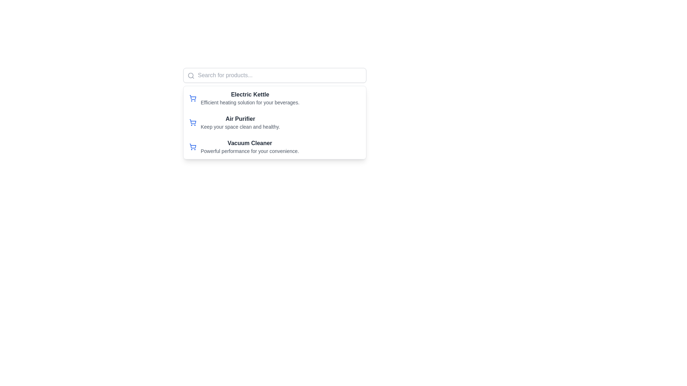  What do you see at coordinates (274, 98) in the screenshot?
I see `the first product listing item displaying 'Electric Kettle' with a blue shopping cart icon to the left of the text` at bounding box center [274, 98].